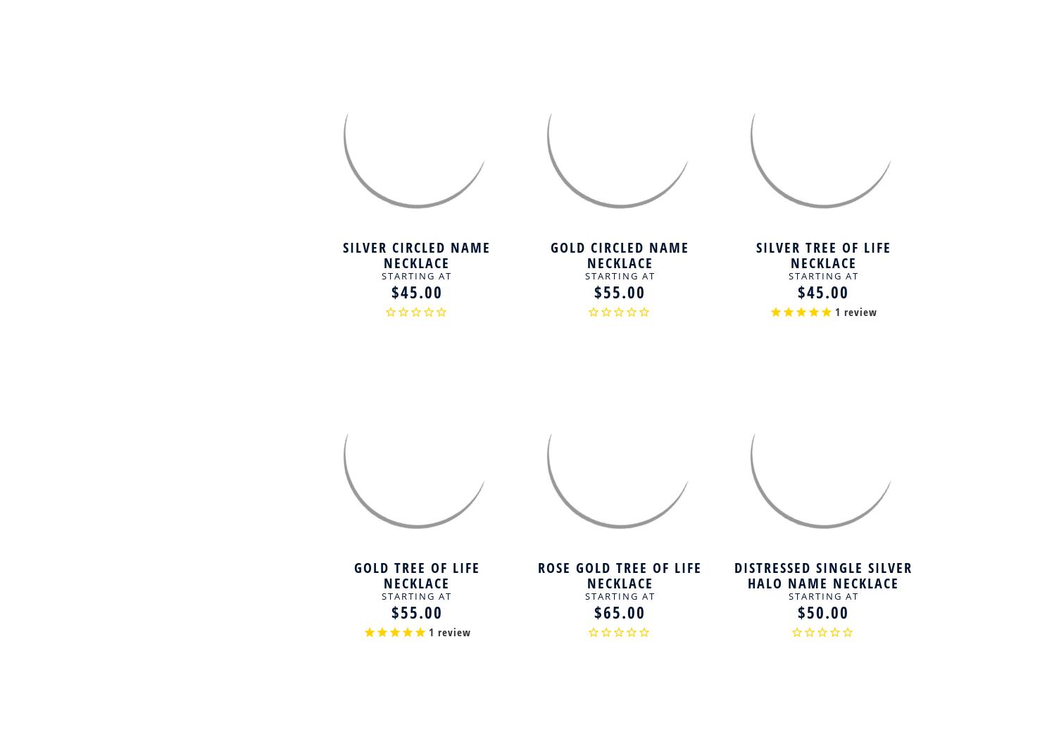  Describe the element at coordinates (415, 253) in the screenshot. I see `'Silver Circled Name Necklace'` at that location.